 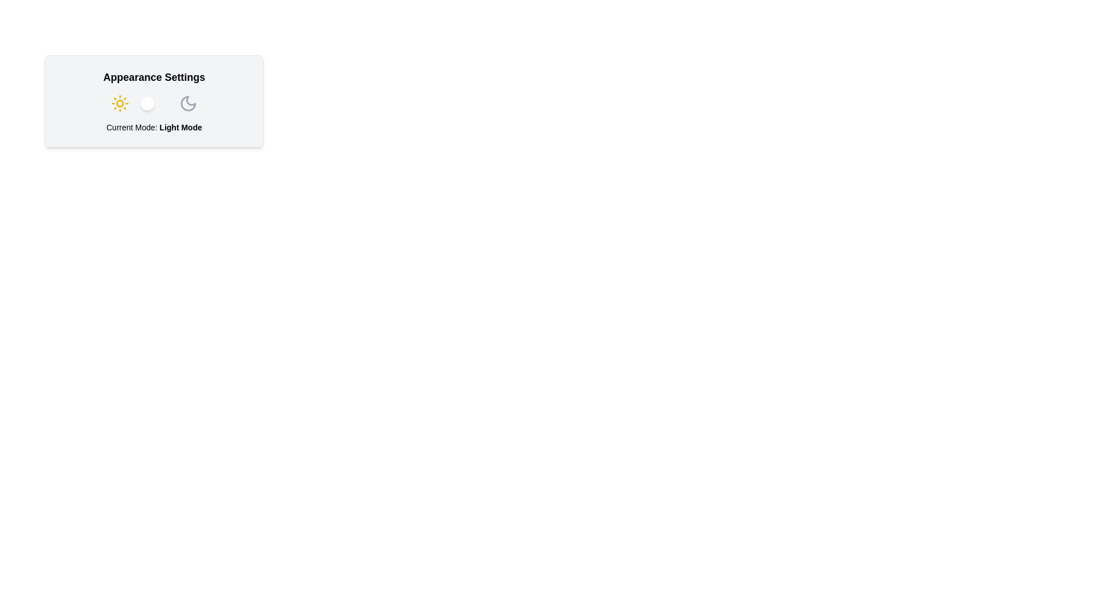 I want to click on the toggle switch located in the center of the settings pop-up box, so click(x=153, y=103).